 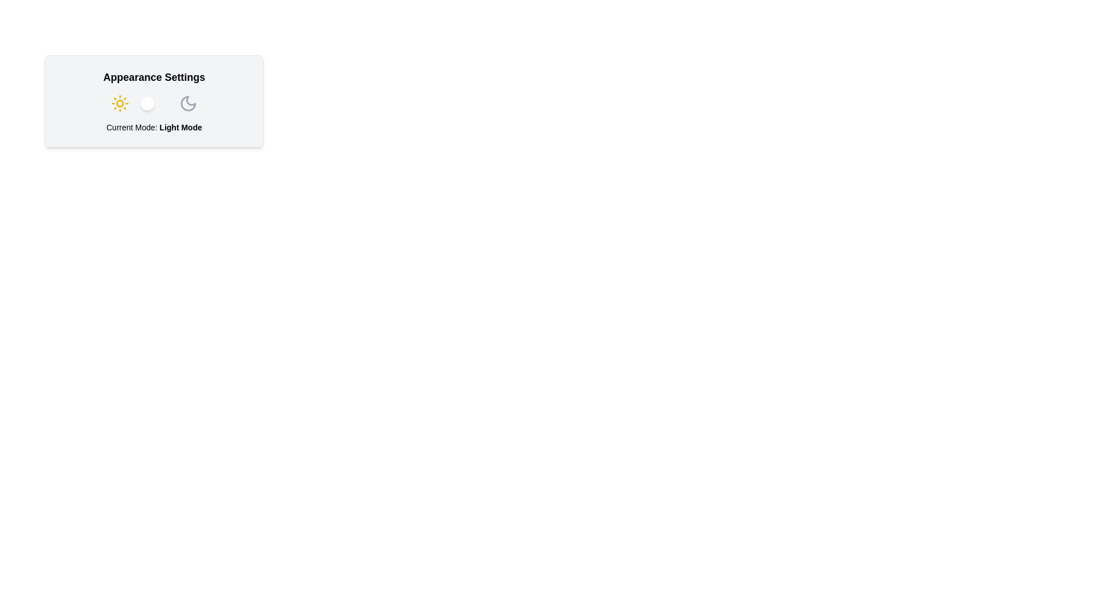 I want to click on the toggle switch located in the center of the settings pop-up box, so click(x=153, y=103).